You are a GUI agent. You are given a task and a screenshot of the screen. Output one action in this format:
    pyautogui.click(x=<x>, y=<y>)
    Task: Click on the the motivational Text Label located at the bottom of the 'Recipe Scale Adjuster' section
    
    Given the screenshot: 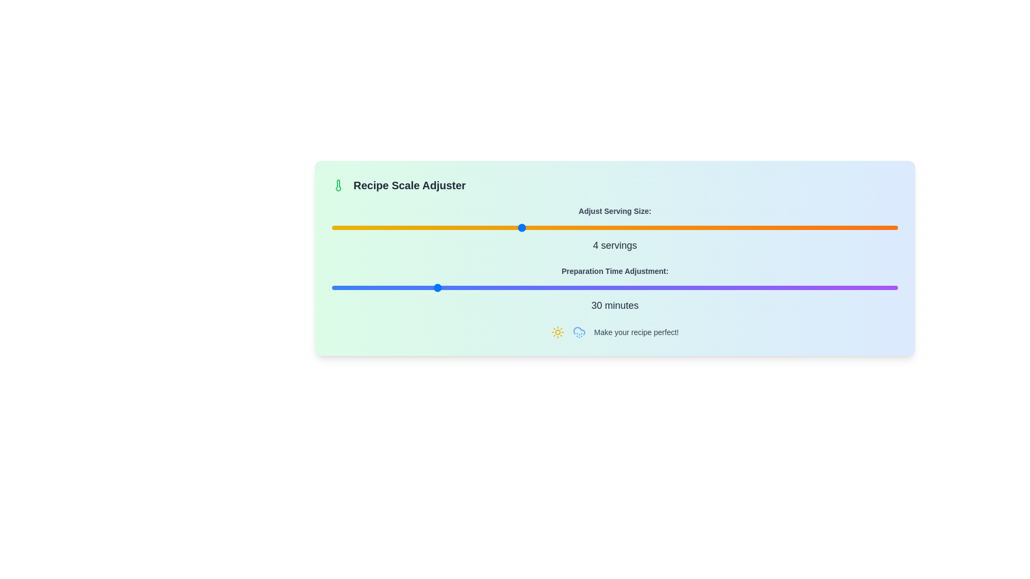 What is the action you would take?
    pyautogui.click(x=615, y=332)
    